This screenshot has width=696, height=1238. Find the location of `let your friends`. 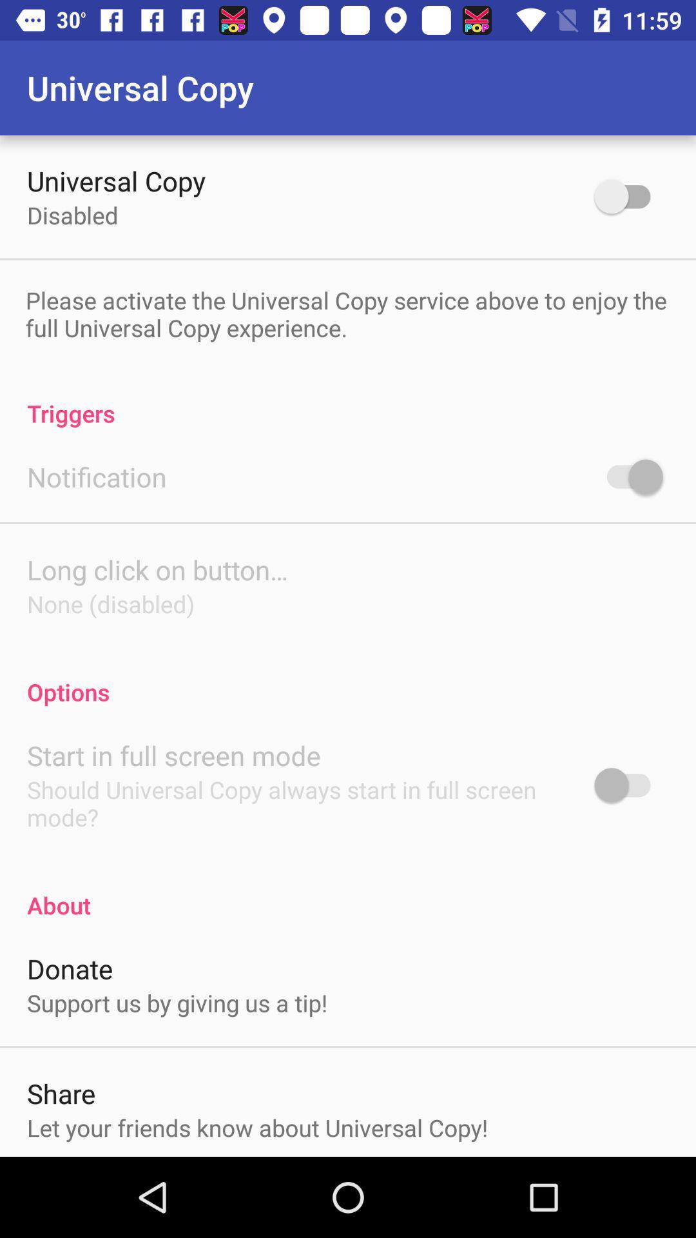

let your friends is located at coordinates (257, 1126).